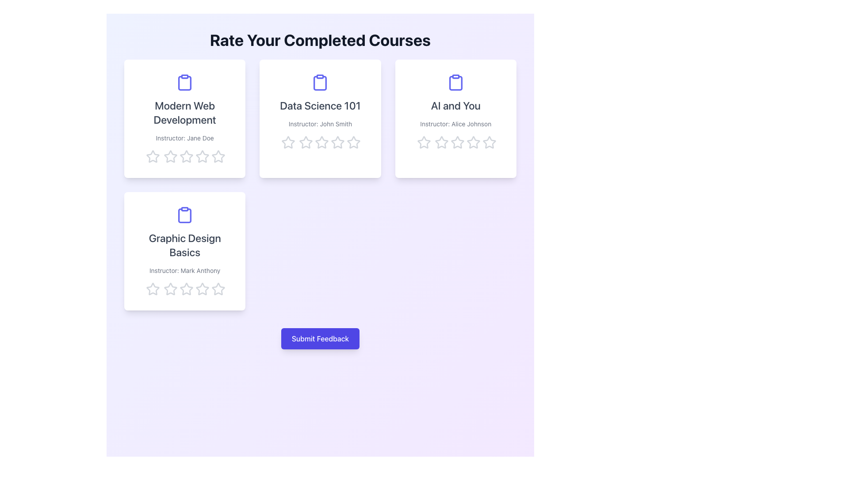 The width and height of the screenshot is (849, 477). I want to click on the third star icon in the five-star rating set for the course 'AI and You', so click(489, 142).